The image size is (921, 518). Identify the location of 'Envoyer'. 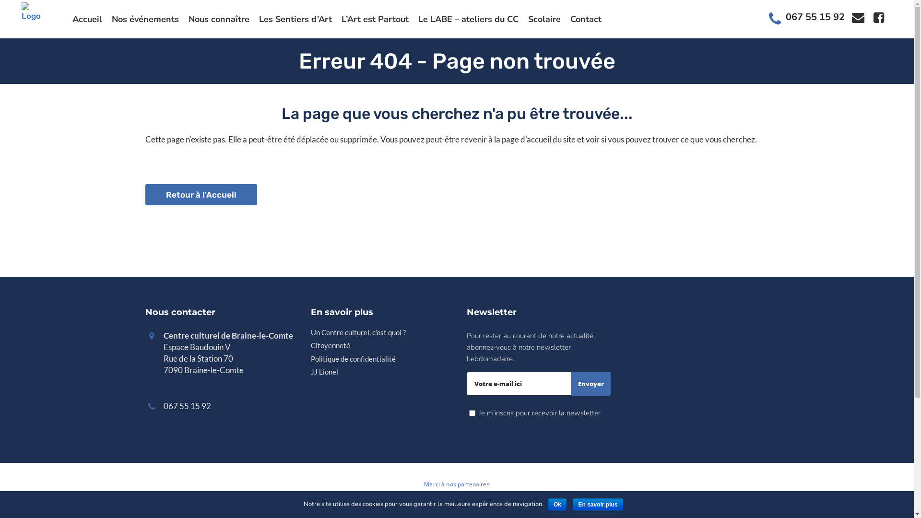
(590, 383).